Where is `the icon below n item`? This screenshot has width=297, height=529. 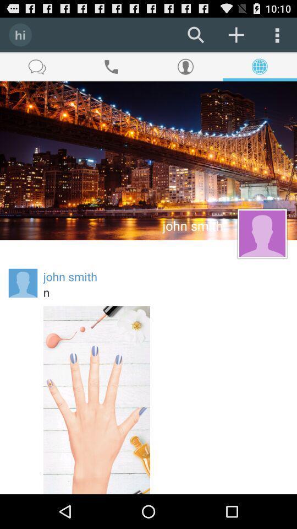 the icon below n item is located at coordinates (96, 399).